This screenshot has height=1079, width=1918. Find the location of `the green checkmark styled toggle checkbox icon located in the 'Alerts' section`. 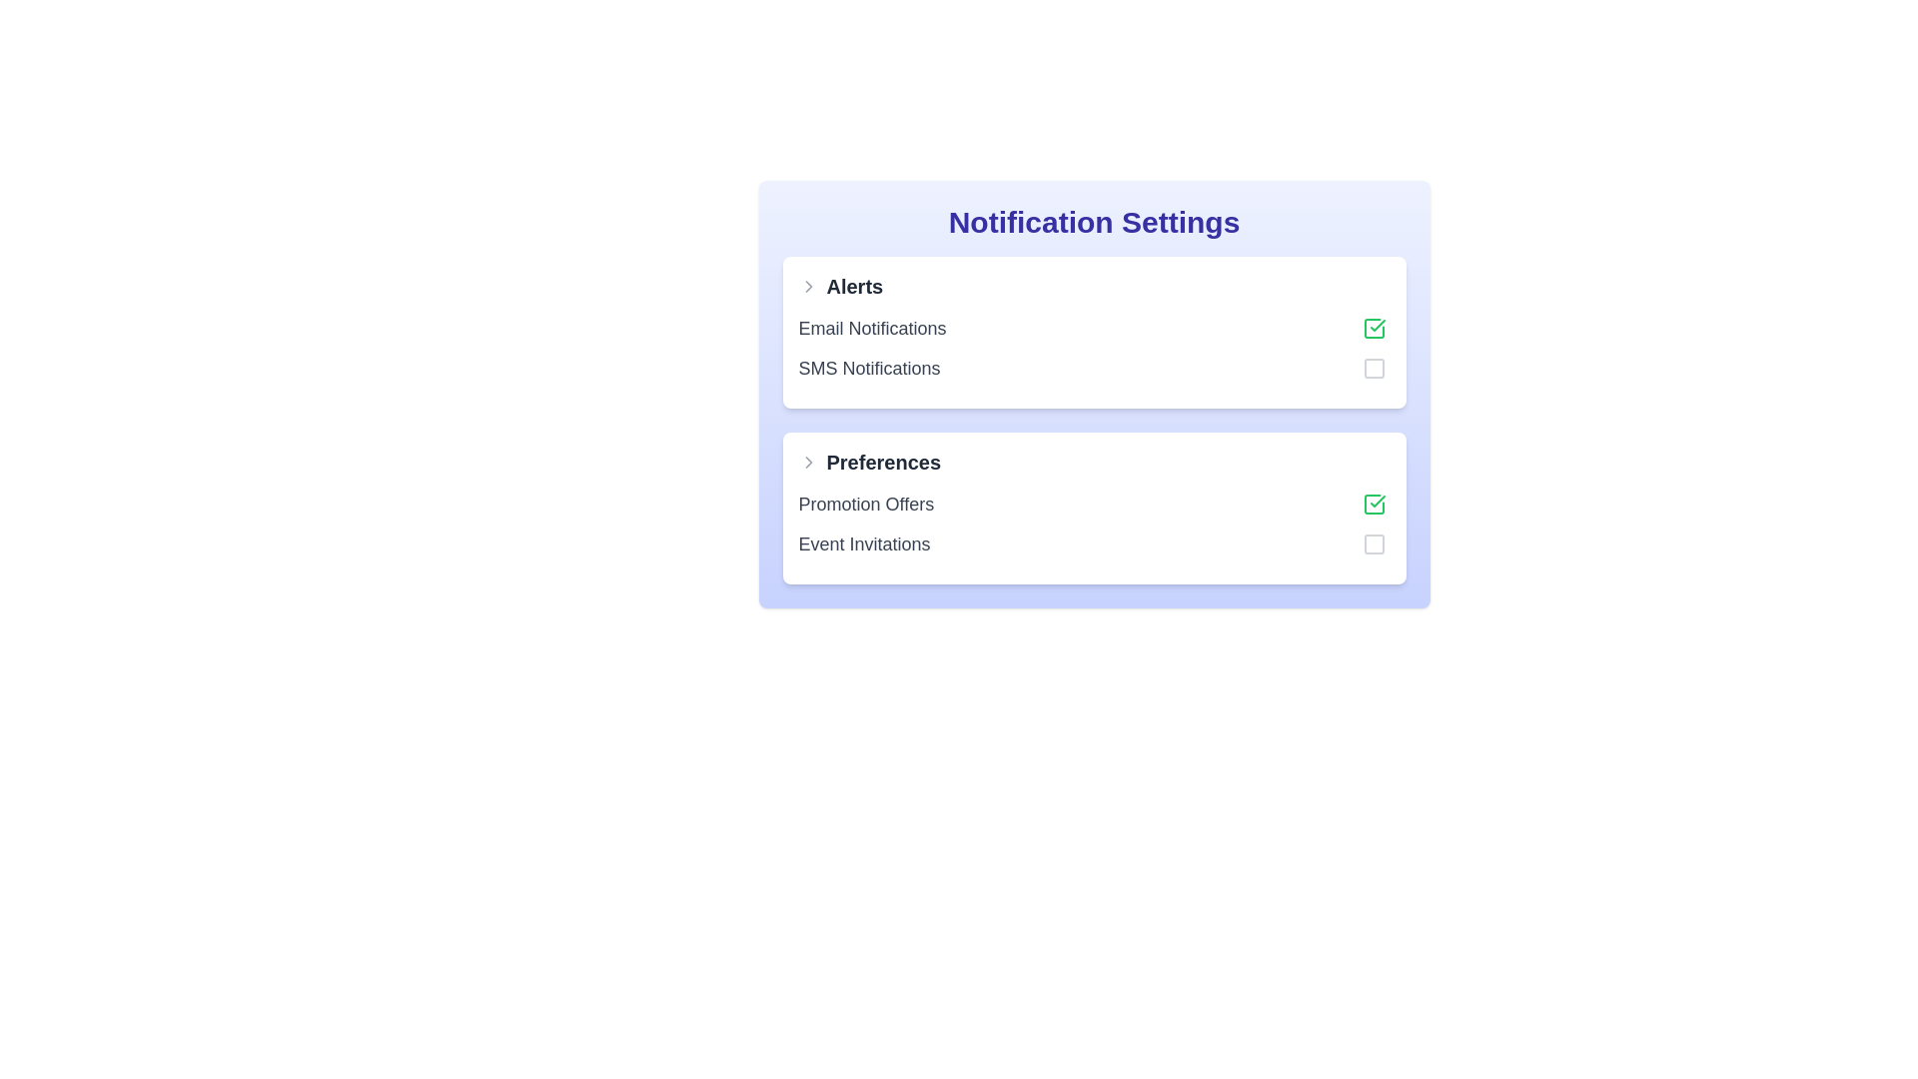

the green checkmark styled toggle checkbox icon located in the 'Alerts' section is located at coordinates (1373, 327).